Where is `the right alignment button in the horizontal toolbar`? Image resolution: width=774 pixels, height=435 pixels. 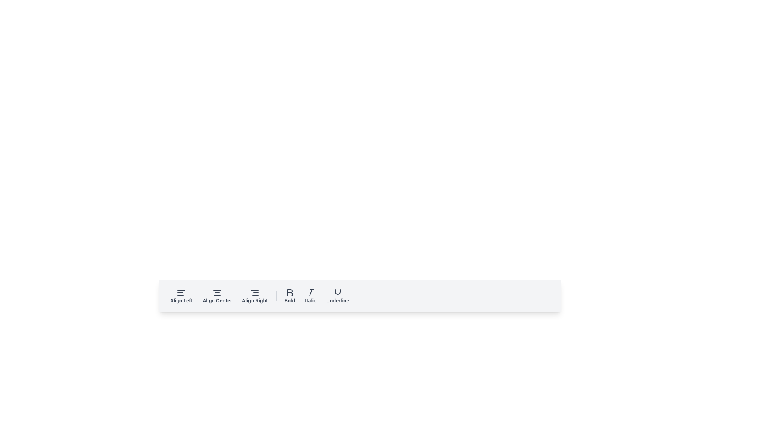
the right alignment button in the horizontal toolbar is located at coordinates (254, 296).